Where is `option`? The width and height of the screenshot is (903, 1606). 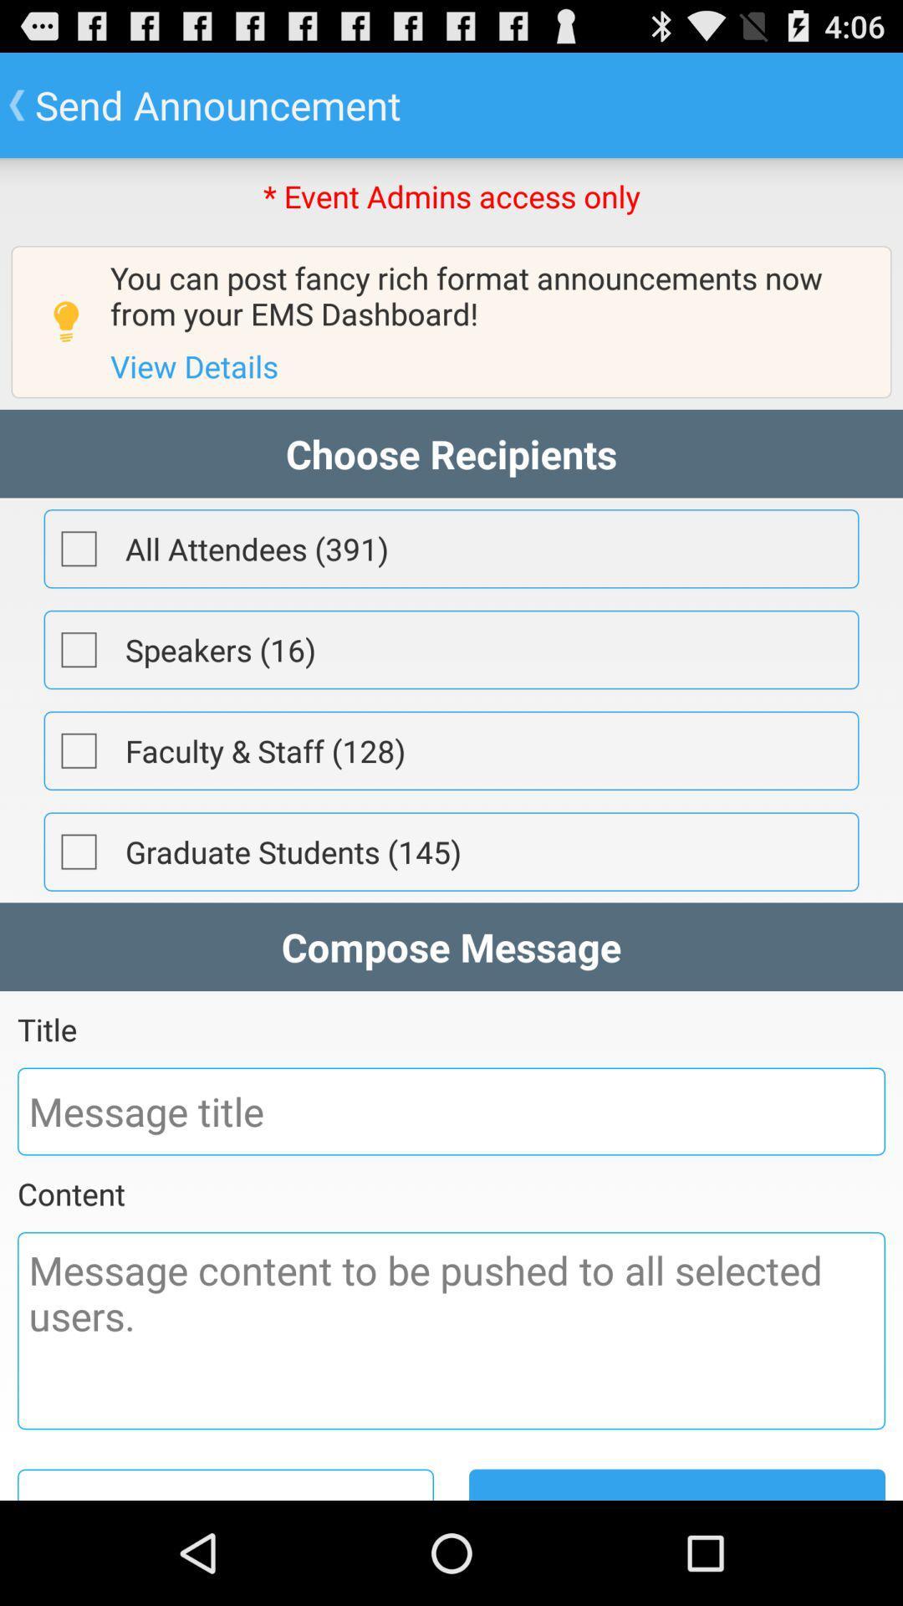 option is located at coordinates (79, 549).